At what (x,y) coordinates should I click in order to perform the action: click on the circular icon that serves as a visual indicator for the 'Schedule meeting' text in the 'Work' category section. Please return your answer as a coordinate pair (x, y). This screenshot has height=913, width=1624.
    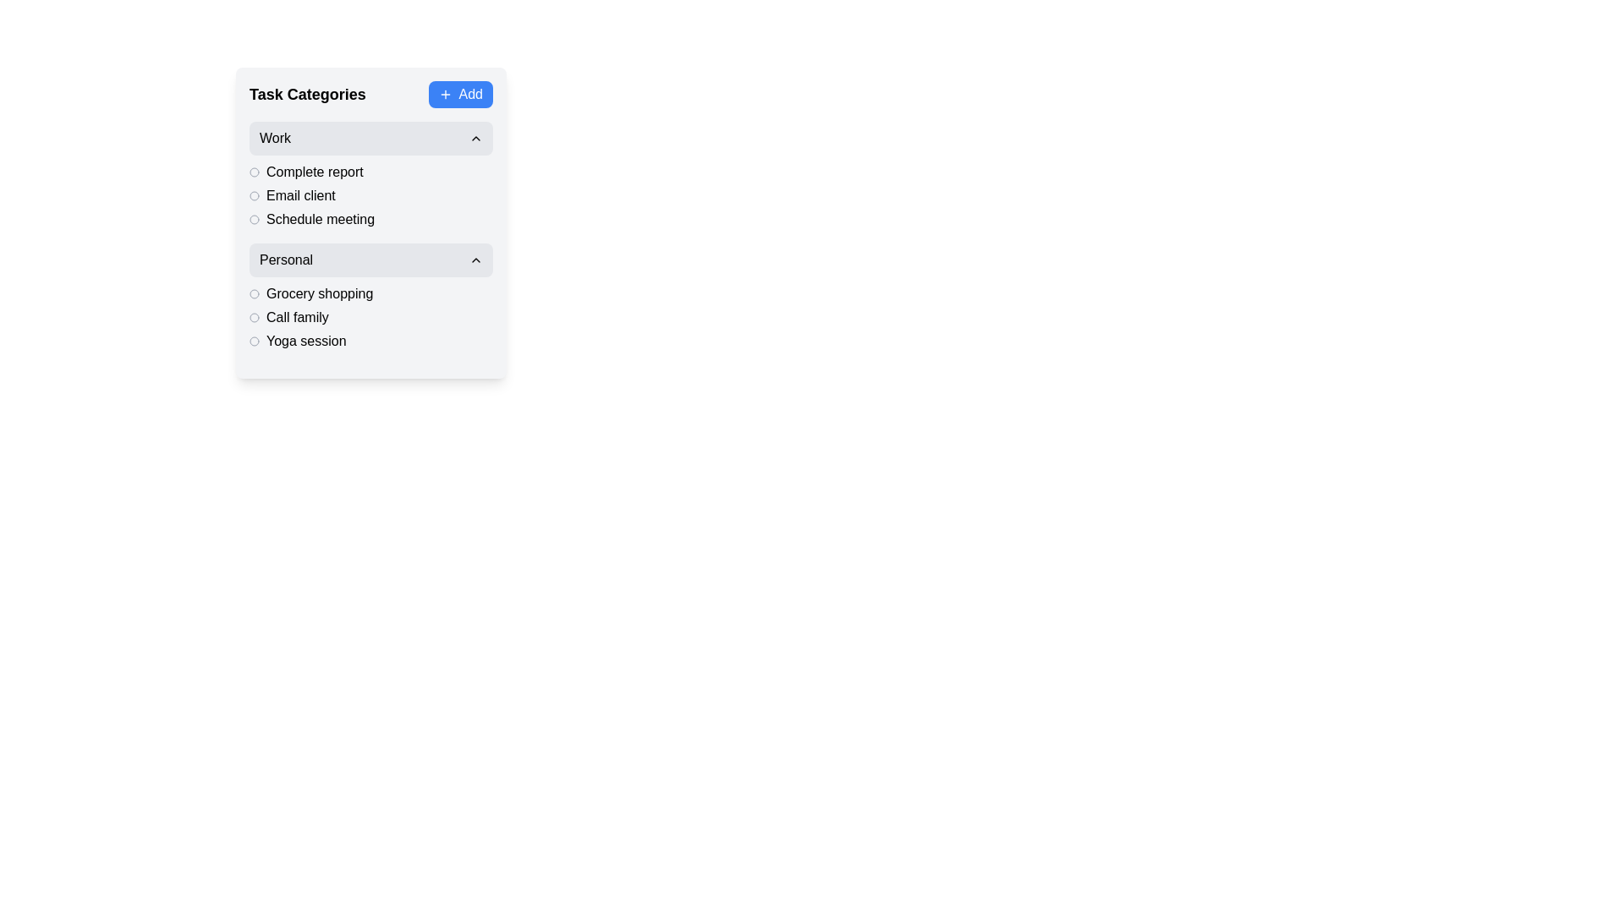
    Looking at the image, I should click on (254, 218).